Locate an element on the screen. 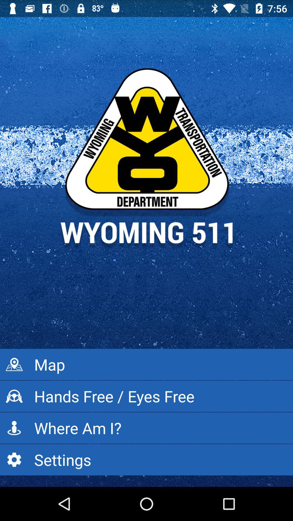  the app above hands free eyes app is located at coordinates (146, 364).